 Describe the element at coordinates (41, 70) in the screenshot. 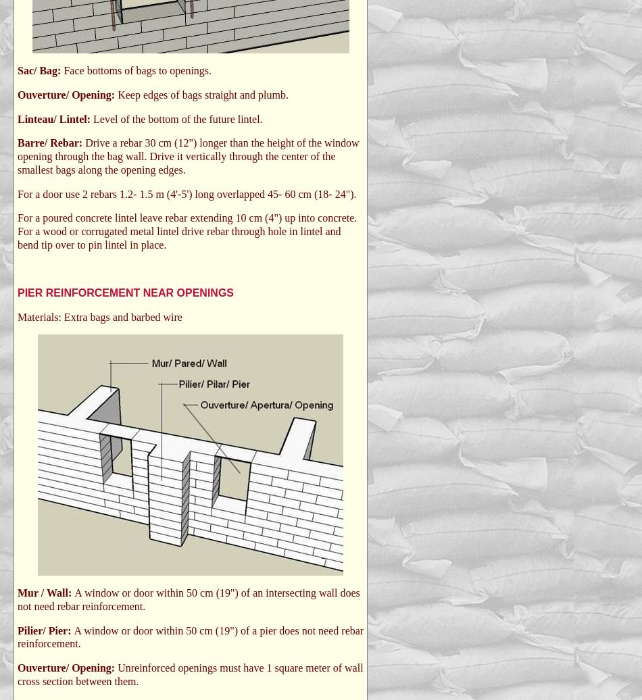

I see `'Sac/ Bag:'` at that location.